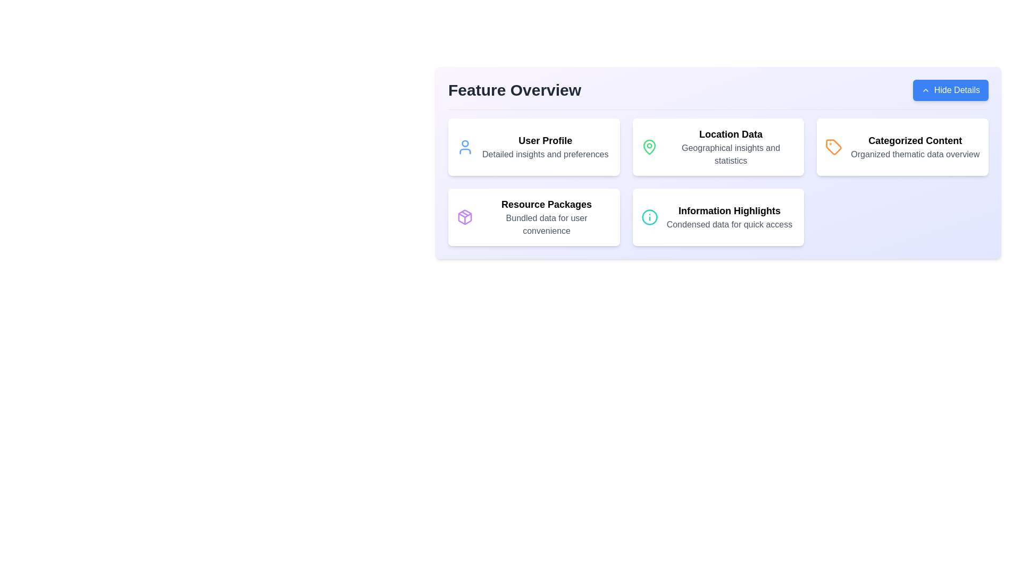 The width and height of the screenshot is (1021, 574). What do you see at coordinates (730, 147) in the screenshot?
I see `information from the Text block with header and description located in the upper-right part of the grid in the 'Feature Overview' section, which provides geographical data and related statistics` at bounding box center [730, 147].